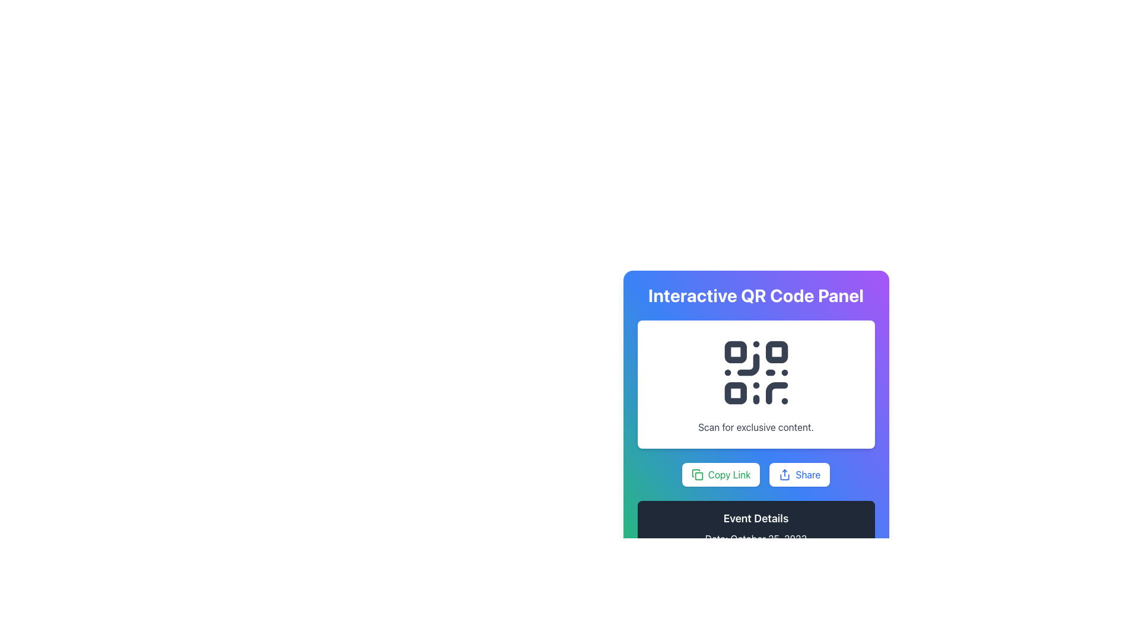 The image size is (1139, 641). Describe the element at coordinates (734, 393) in the screenshot. I see `the bottom-left square component of the QR code in the 'Interactive QR Code Panel' card` at that location.